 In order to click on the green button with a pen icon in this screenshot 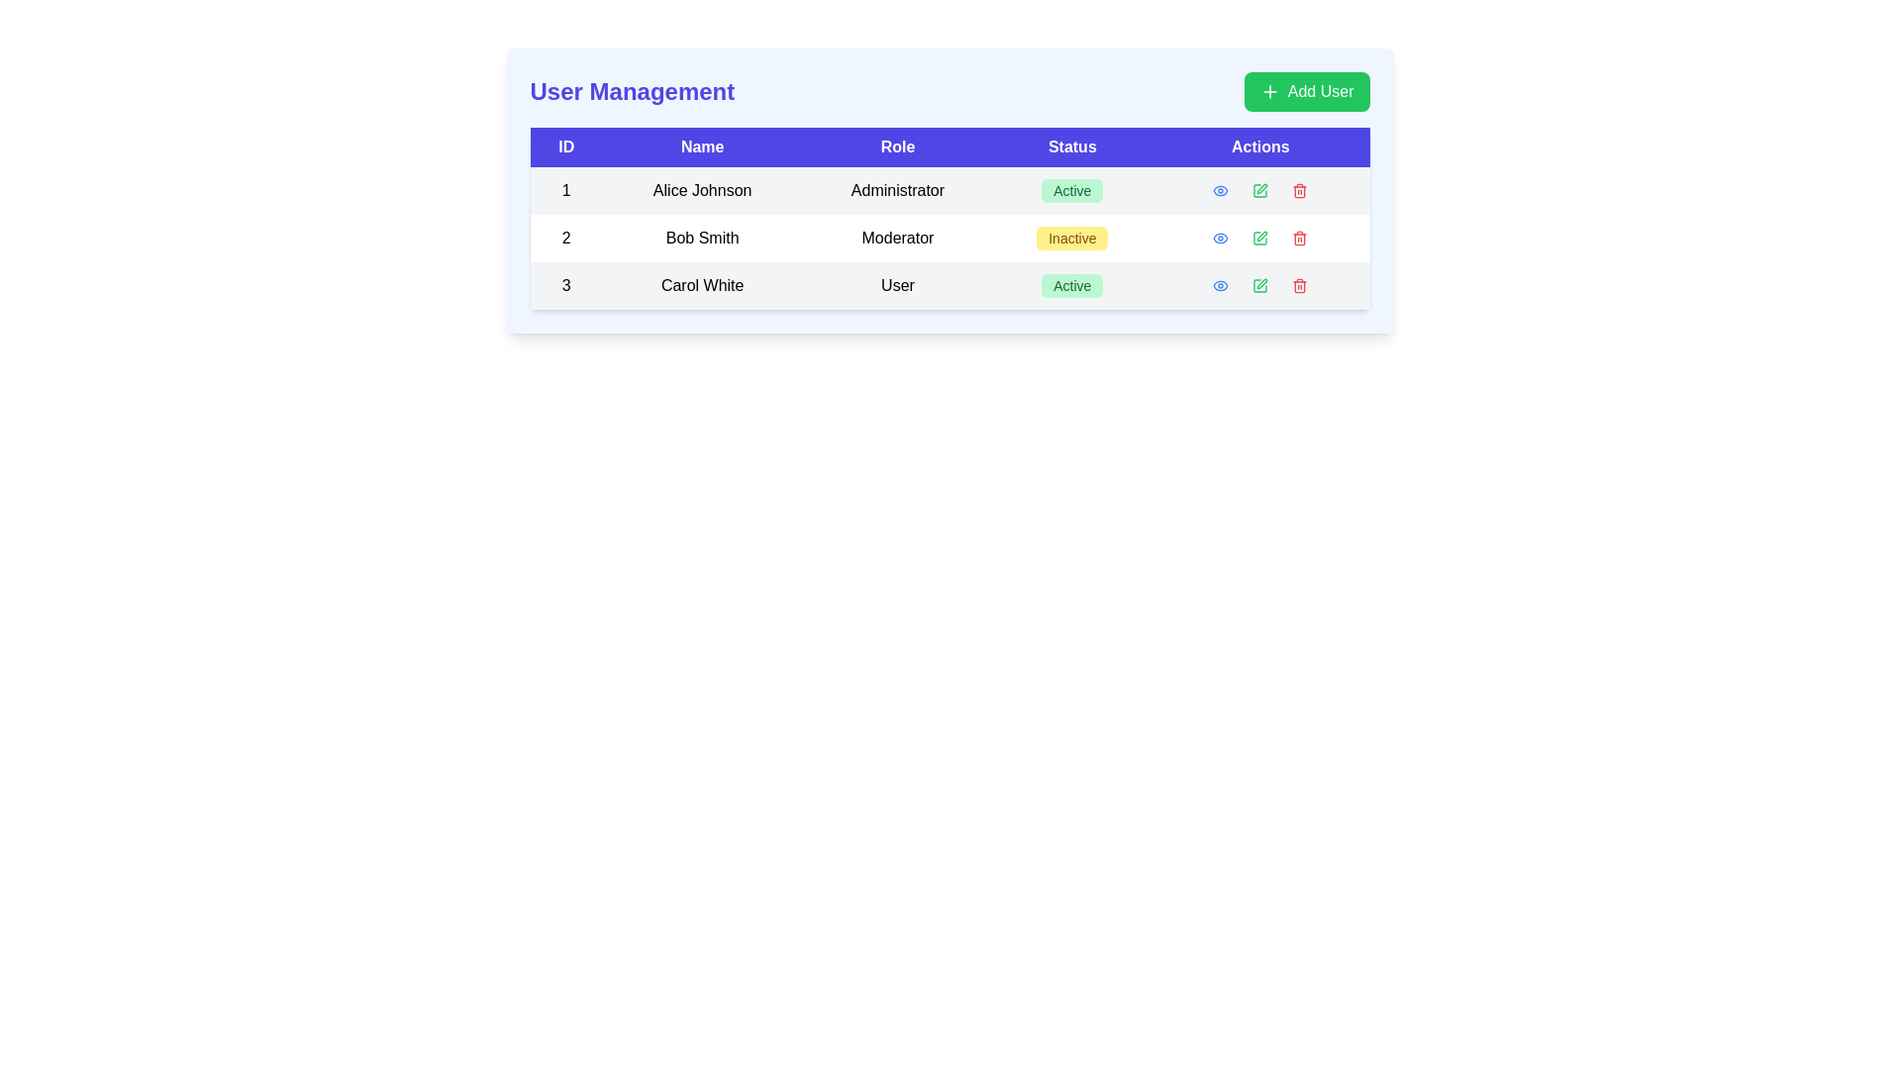, I will do `click(1258, 286)`.